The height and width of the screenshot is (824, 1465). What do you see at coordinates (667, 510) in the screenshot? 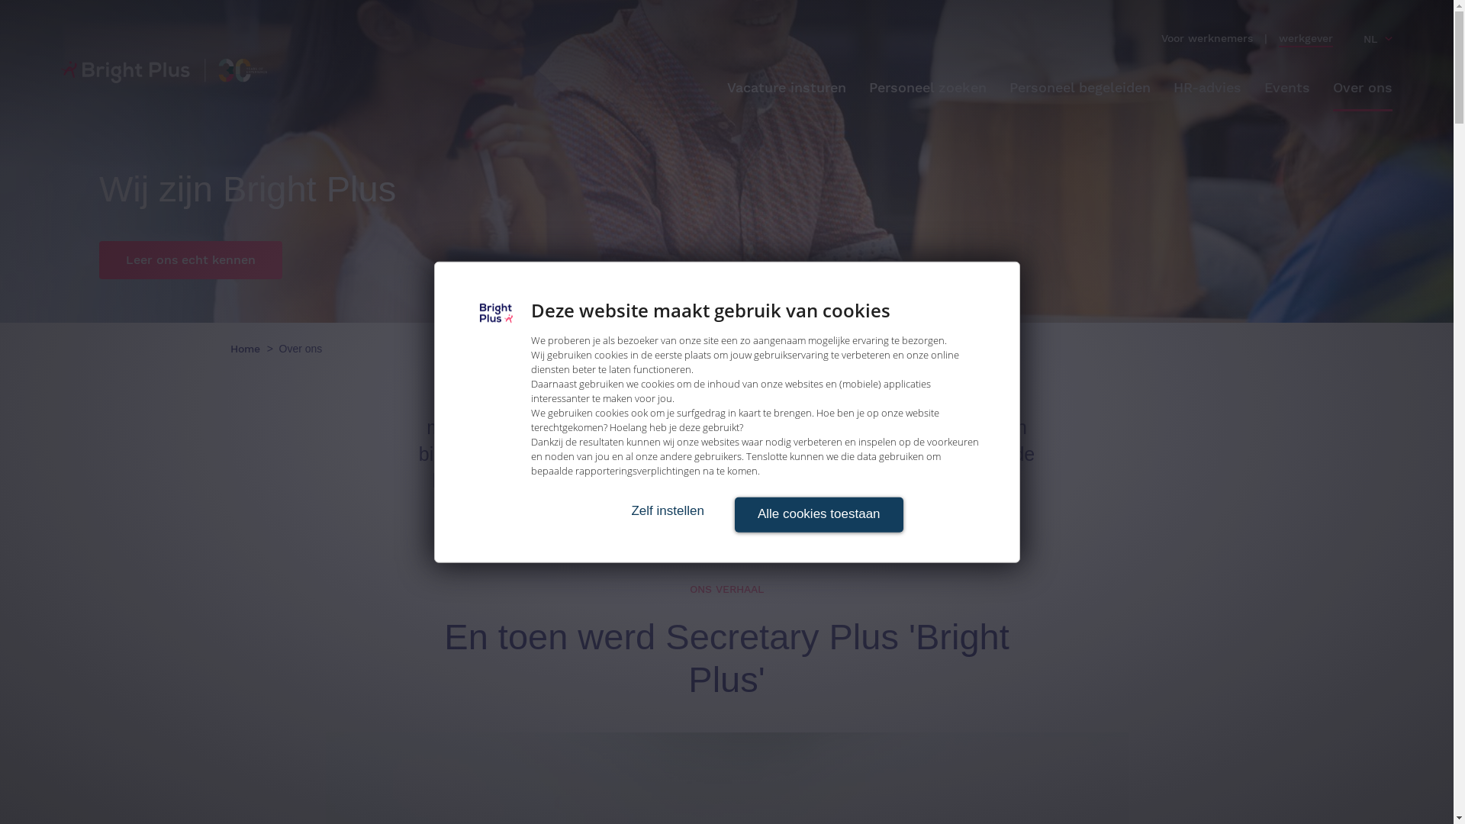
I see `'Zelf instellen'` at bounding box center [667, 510].